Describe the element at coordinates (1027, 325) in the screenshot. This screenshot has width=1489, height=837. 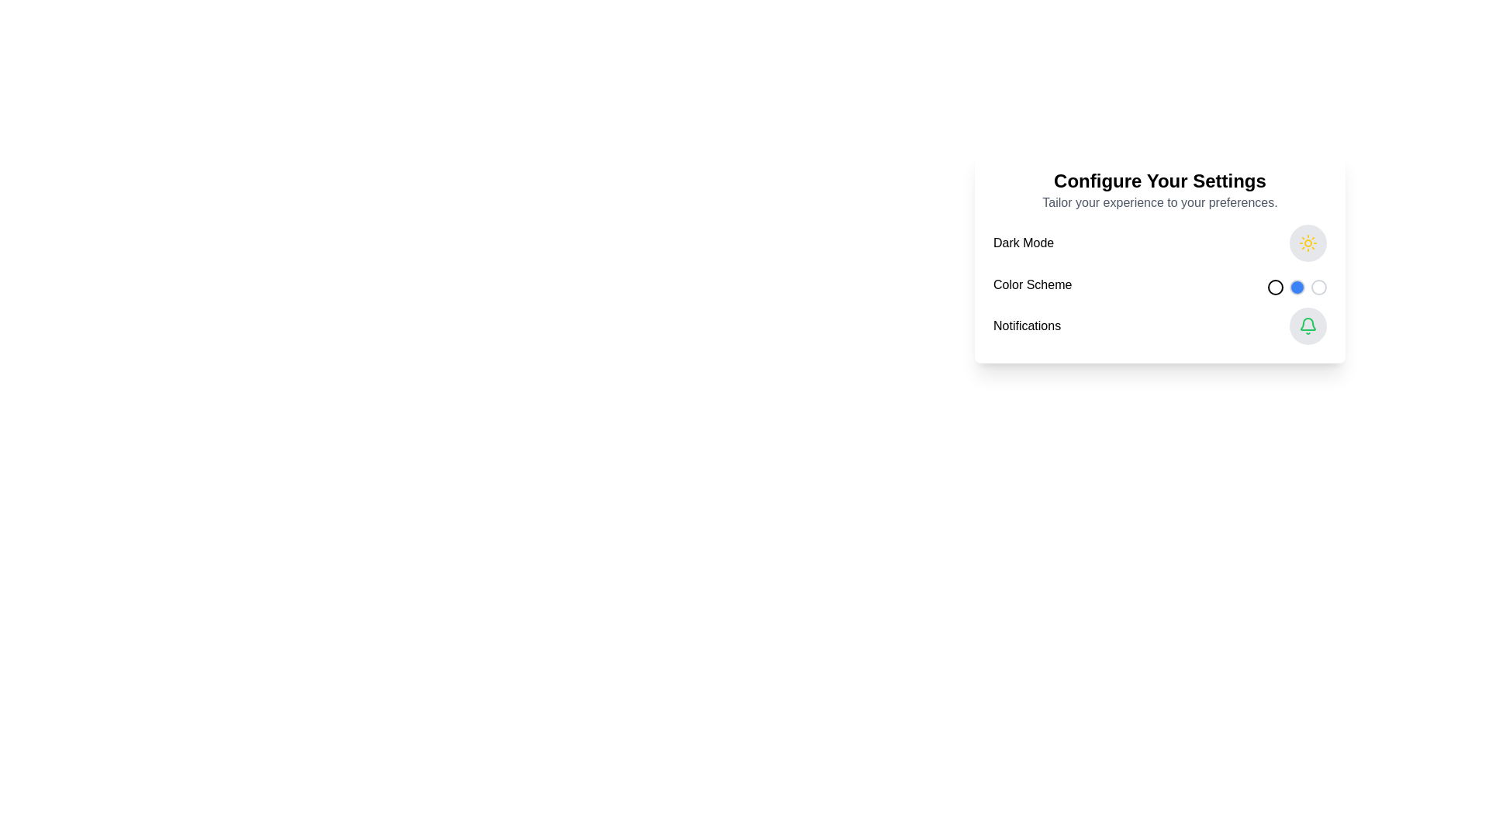
I see `the 'Notifications' text label, which is styled with a medium font weight and located in the bottom-left corner of the card-like section, below the 'Color Scheme' option` at that location.